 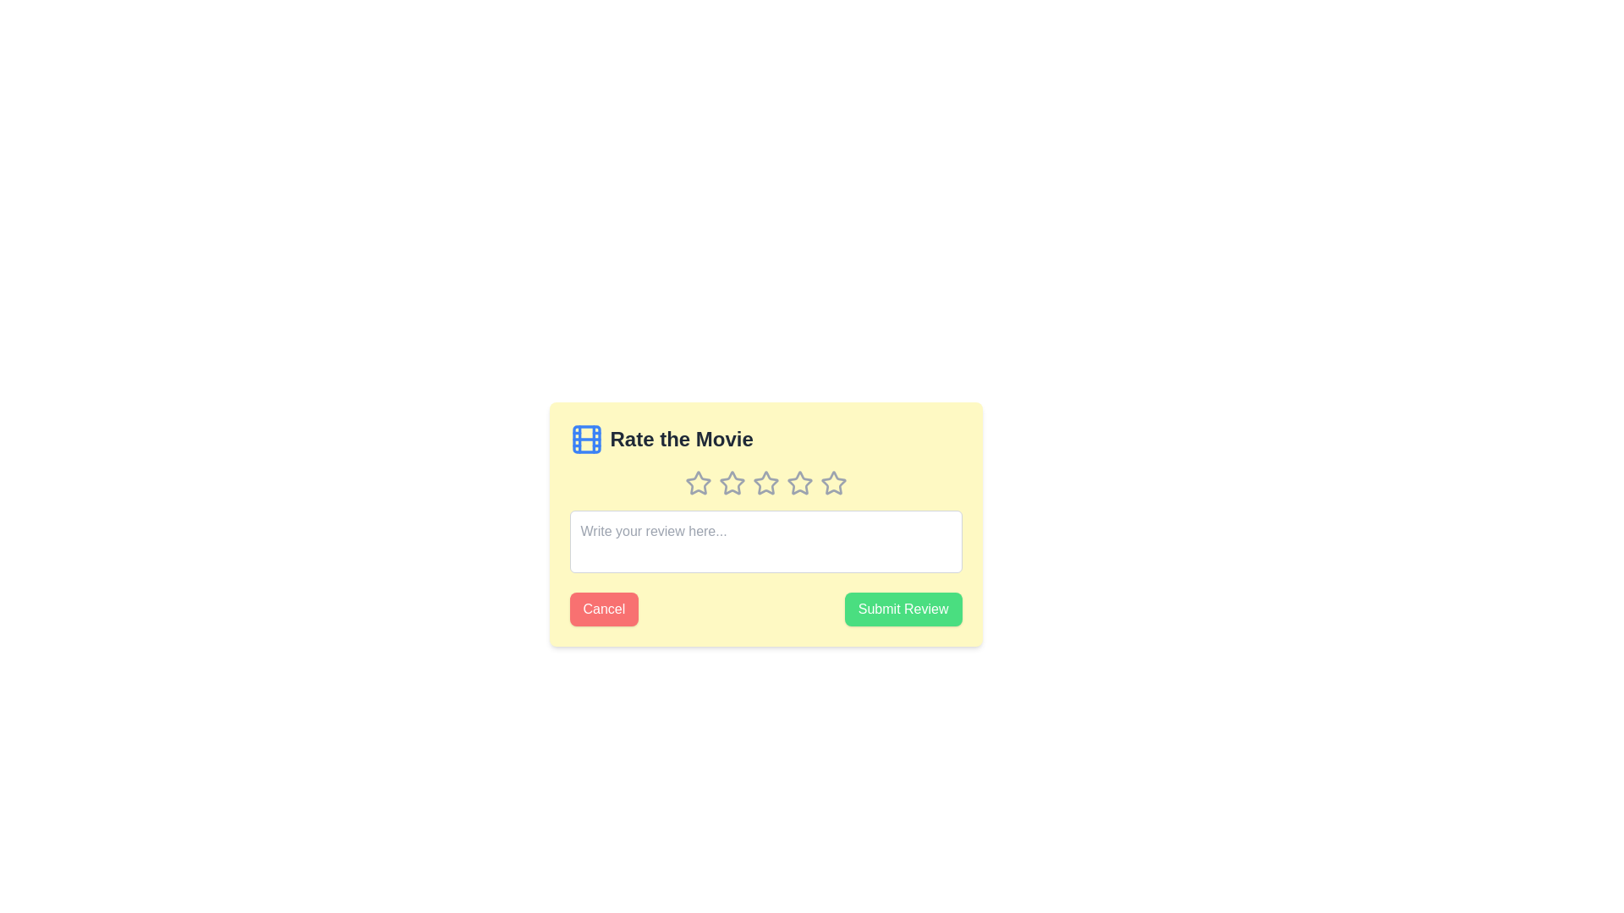 What do you see at coordinates (765, 483) in the screenshot?
I see `the second star icon` at bounding box center [765, 483].